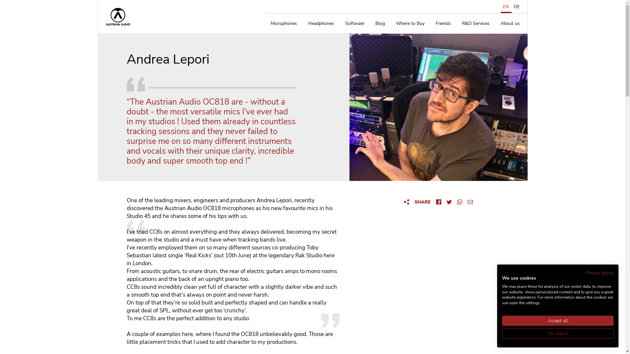 This screenshot has height=354, width=630. Describe the element at coordinates (410, 23) in the screenshot. I see `'Where to Buy'` at that location.